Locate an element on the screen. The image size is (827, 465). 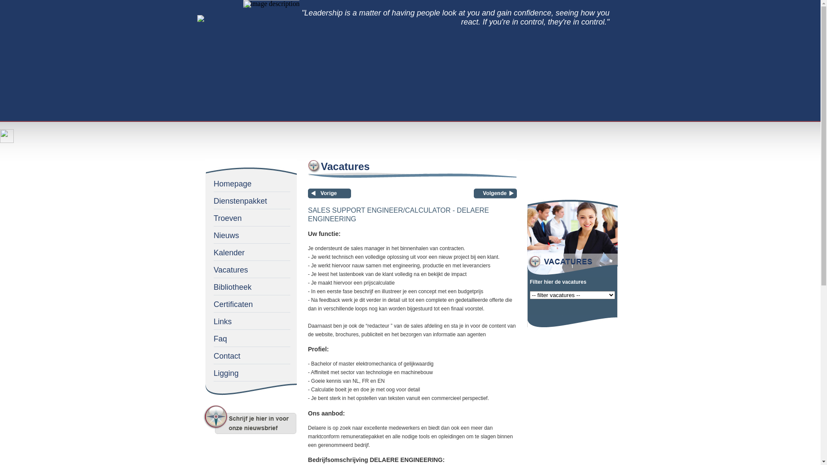
'Homepage' is located at coordinates (250, 181).